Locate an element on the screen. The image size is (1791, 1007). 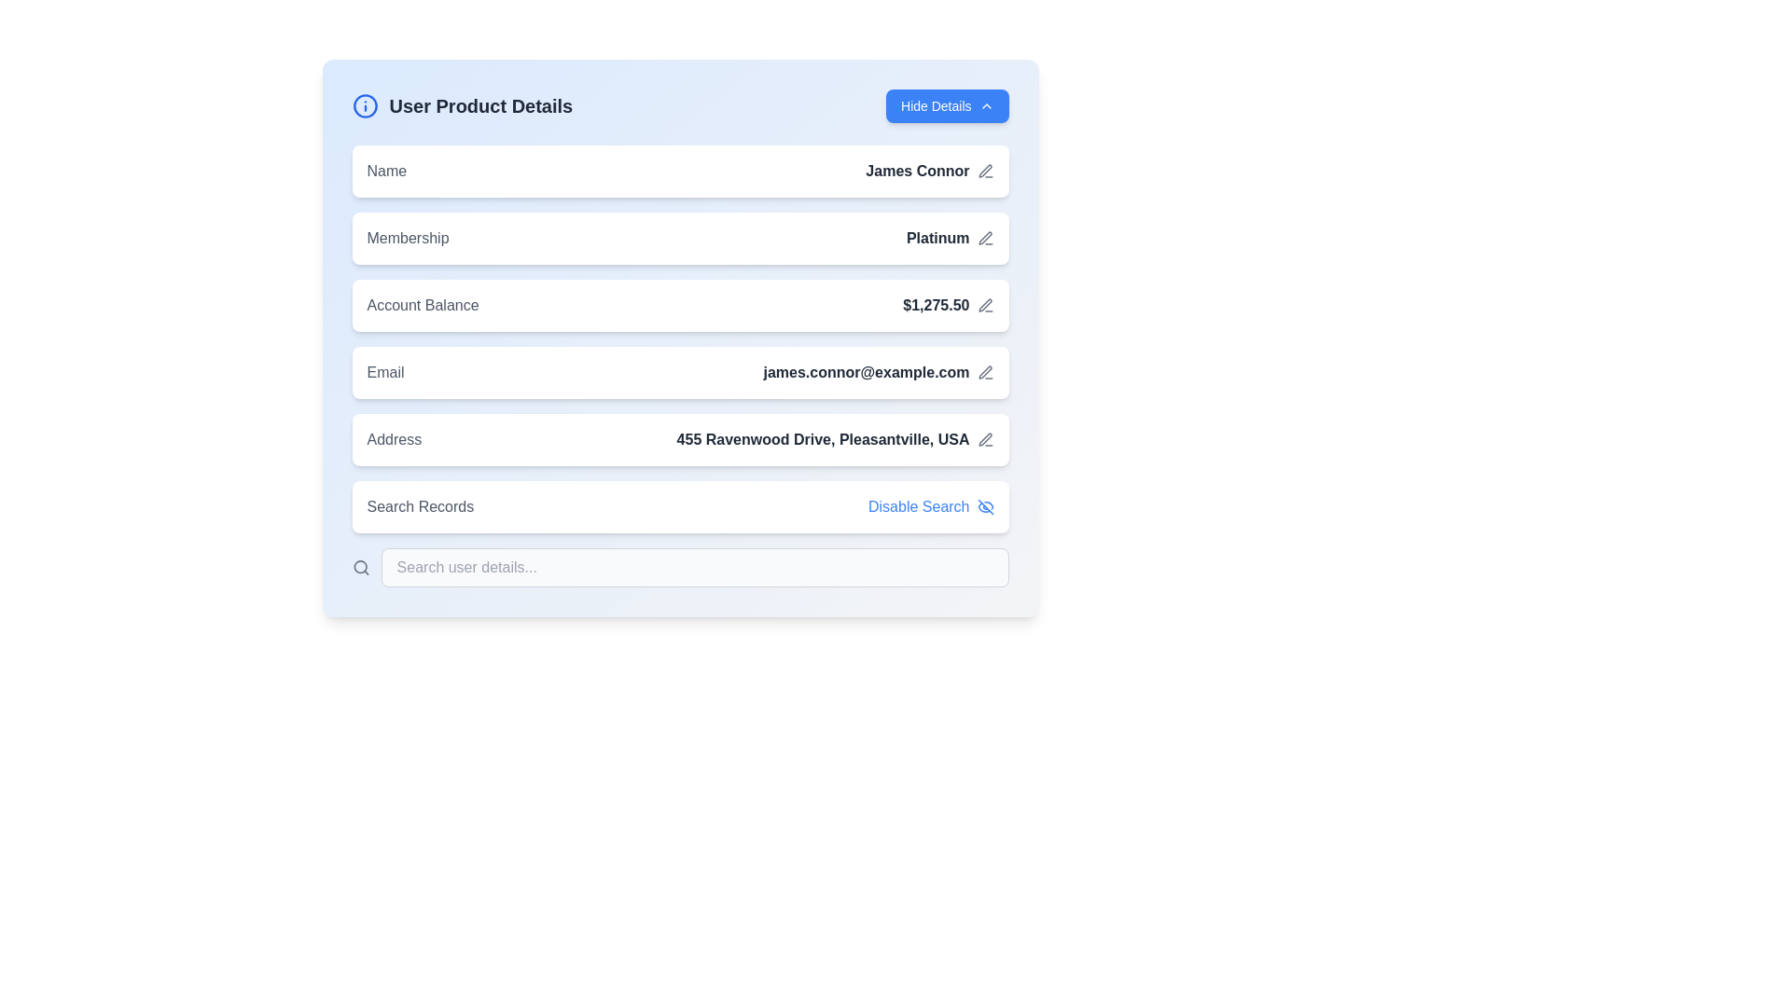
the label that identifies the email address in the email information row, located to the far left of 'james.connor@example.com' is located at coordinates (384, 373).